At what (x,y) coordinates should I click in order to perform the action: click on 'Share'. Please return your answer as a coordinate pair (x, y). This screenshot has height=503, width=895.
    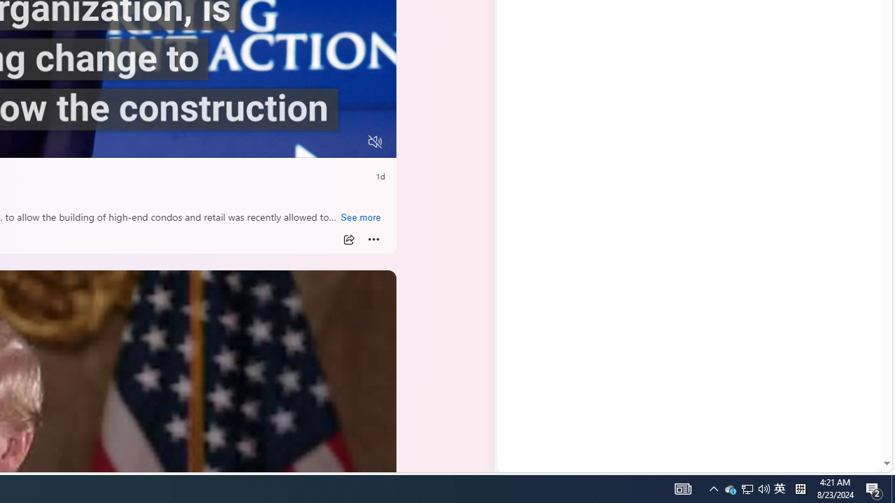
    Looking at the image, I should click on (348, 239).